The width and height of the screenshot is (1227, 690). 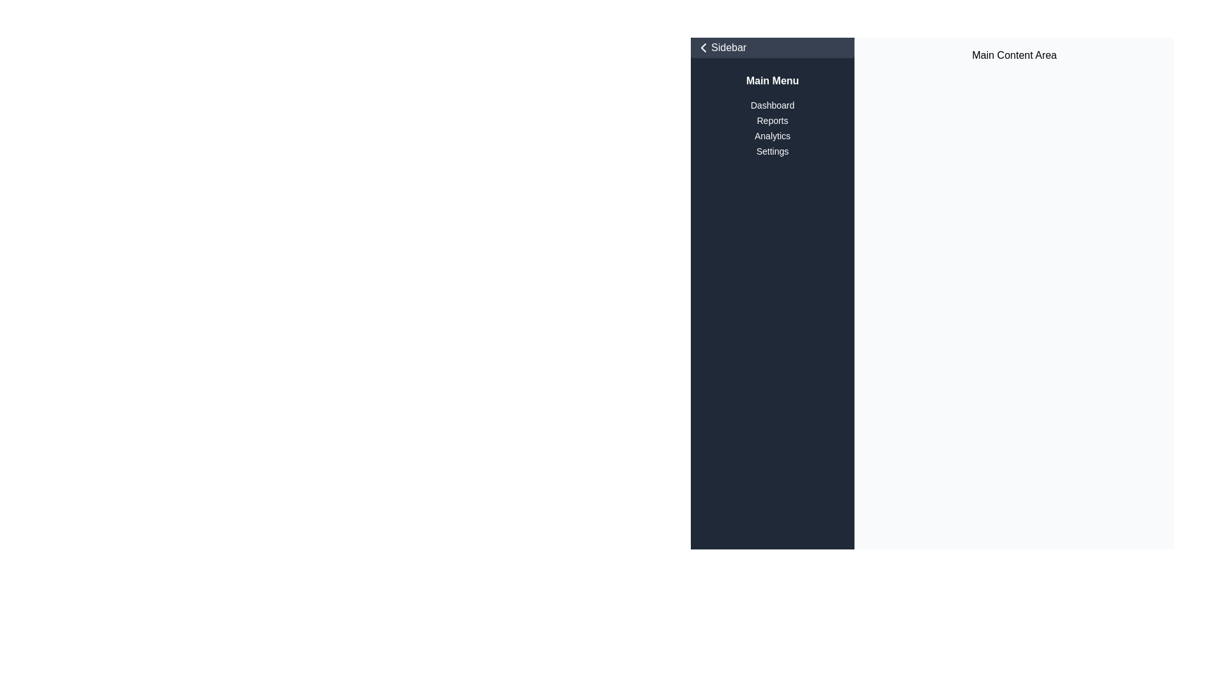 What do you see at coordinates (772, 81) in the screenshot?
I see `the label at the top of the sidebar that identifies the navigation section before the 'Dashboard' and 'Reports' menu items` at bounding box center [772, 81].